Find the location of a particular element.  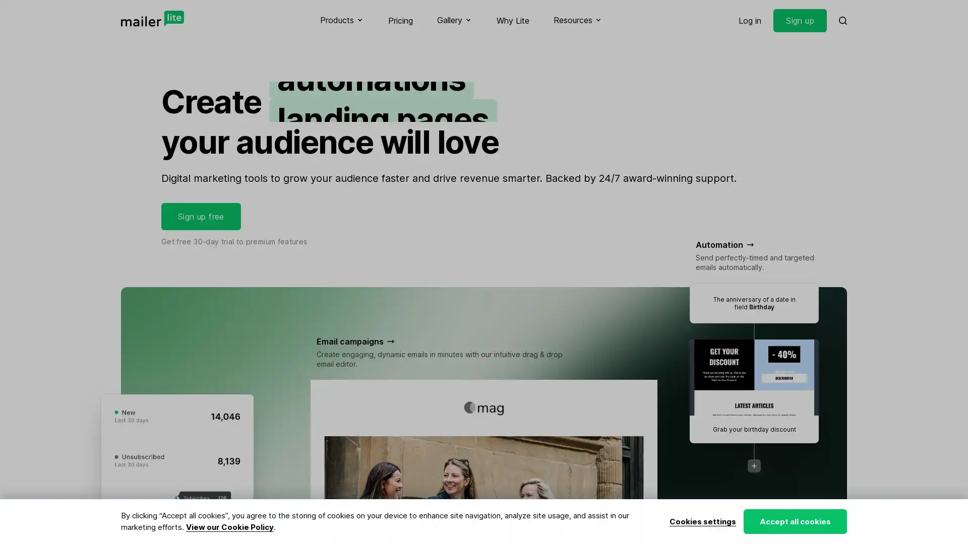

Search MailerLite is located at coordinates (842, 21).